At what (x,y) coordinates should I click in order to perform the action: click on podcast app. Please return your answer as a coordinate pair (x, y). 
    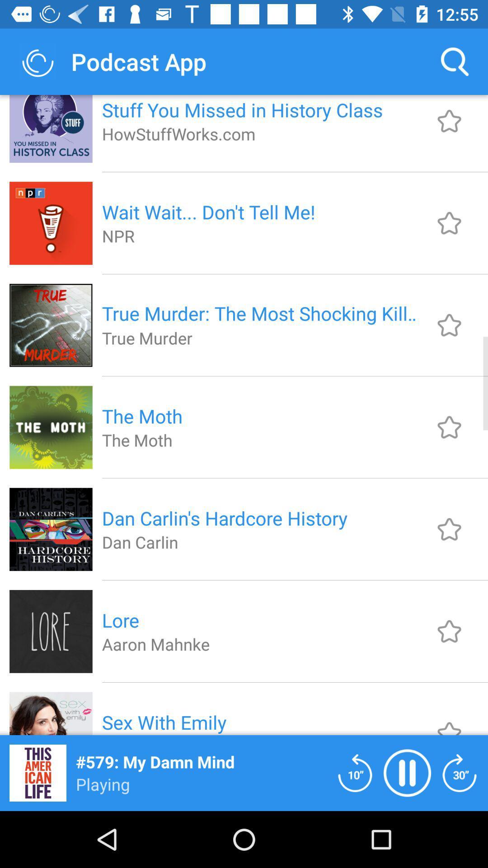
    Looking at the image, I should click on (355, 772).